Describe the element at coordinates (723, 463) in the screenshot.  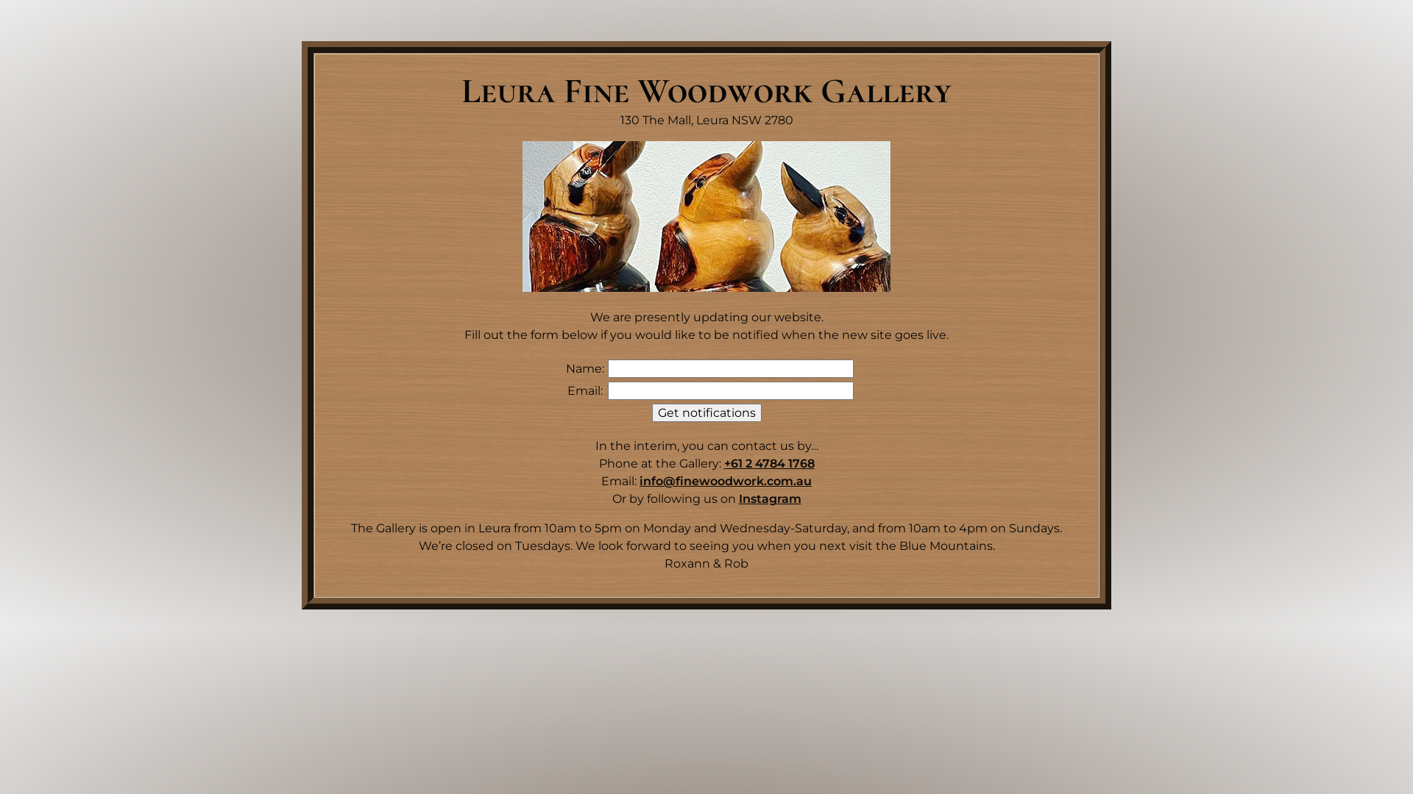
I see `'+61 2 4784 1768'` at that location.